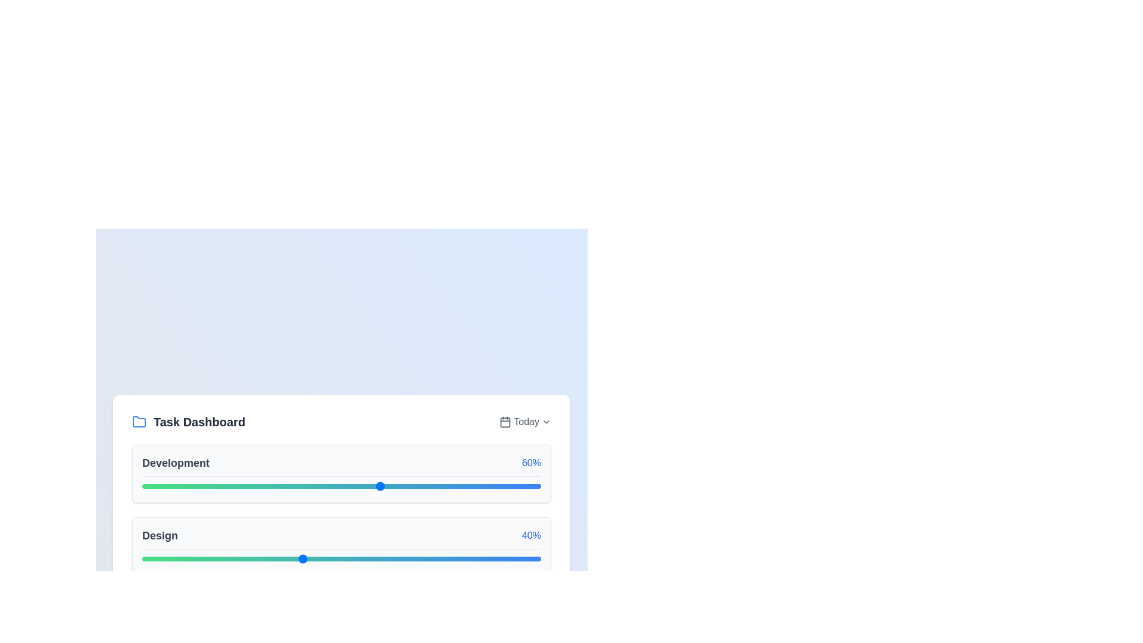 This screenshot has width=1143, height=643. Describe the element at coordinates (530, 535) in the screenshot. I see `the progress percentage text label indicating the completion level of the 'Design' task` at that location.